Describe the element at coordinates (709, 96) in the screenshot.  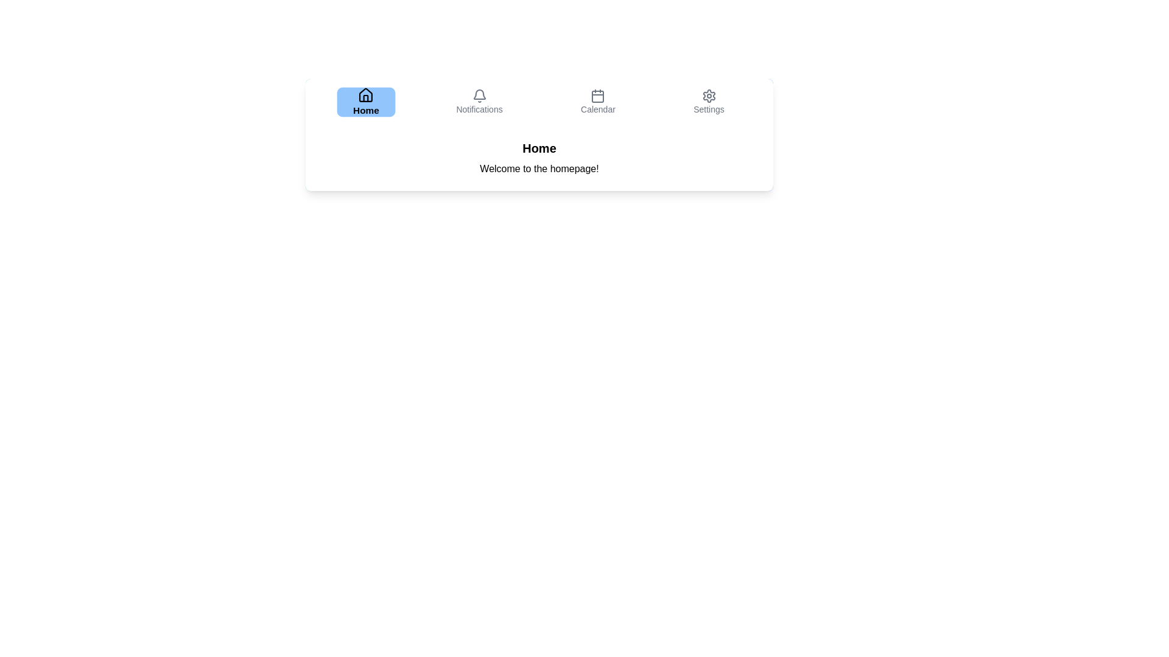
I see `the gear-shaped settings icon located in the top-right part of the interface, above the 'Settings' label` at that location.